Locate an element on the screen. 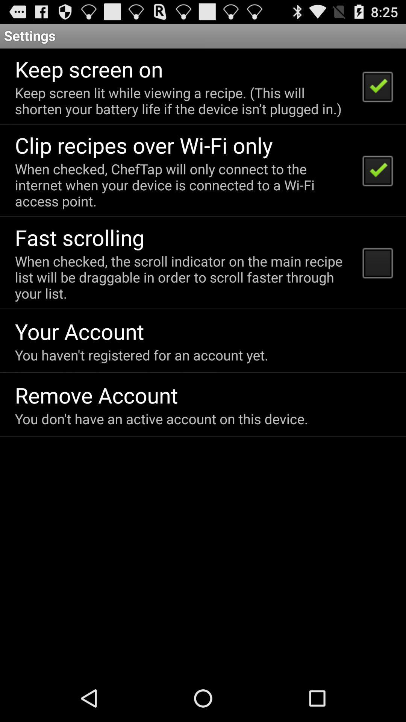 The height and width of the screenshot is (722, 406). remove account item is located at coordinates (96, 394).